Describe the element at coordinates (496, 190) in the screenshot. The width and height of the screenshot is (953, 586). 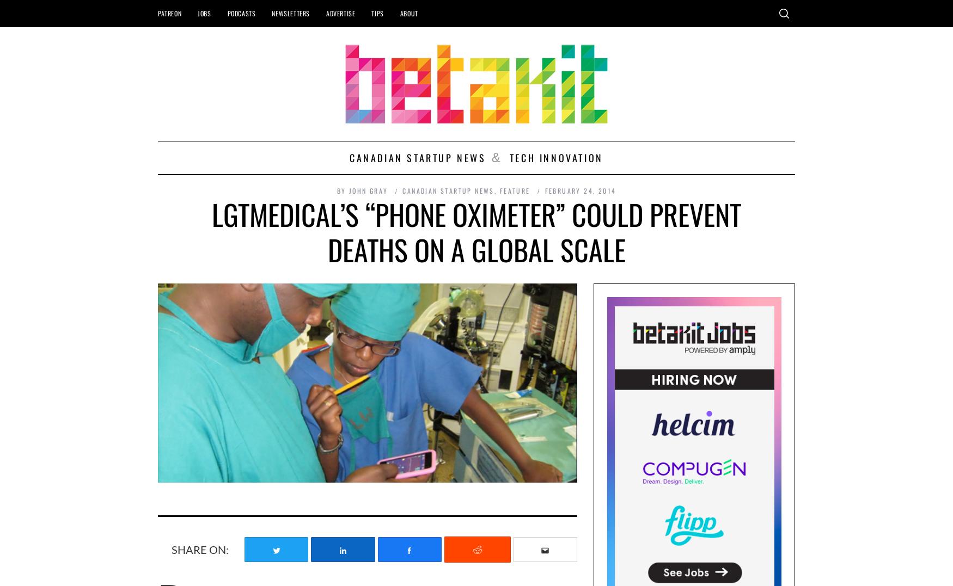
I see `','` at that location.